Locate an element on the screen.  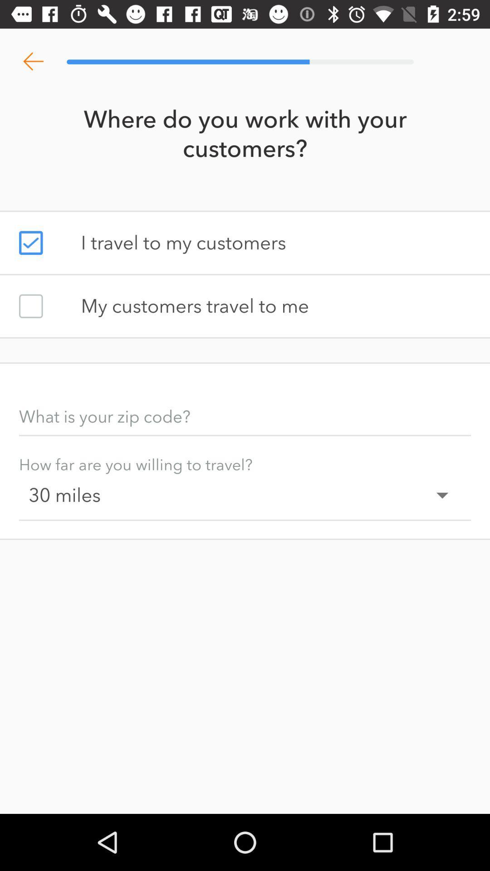
previous is located at coordinates (33, 61).